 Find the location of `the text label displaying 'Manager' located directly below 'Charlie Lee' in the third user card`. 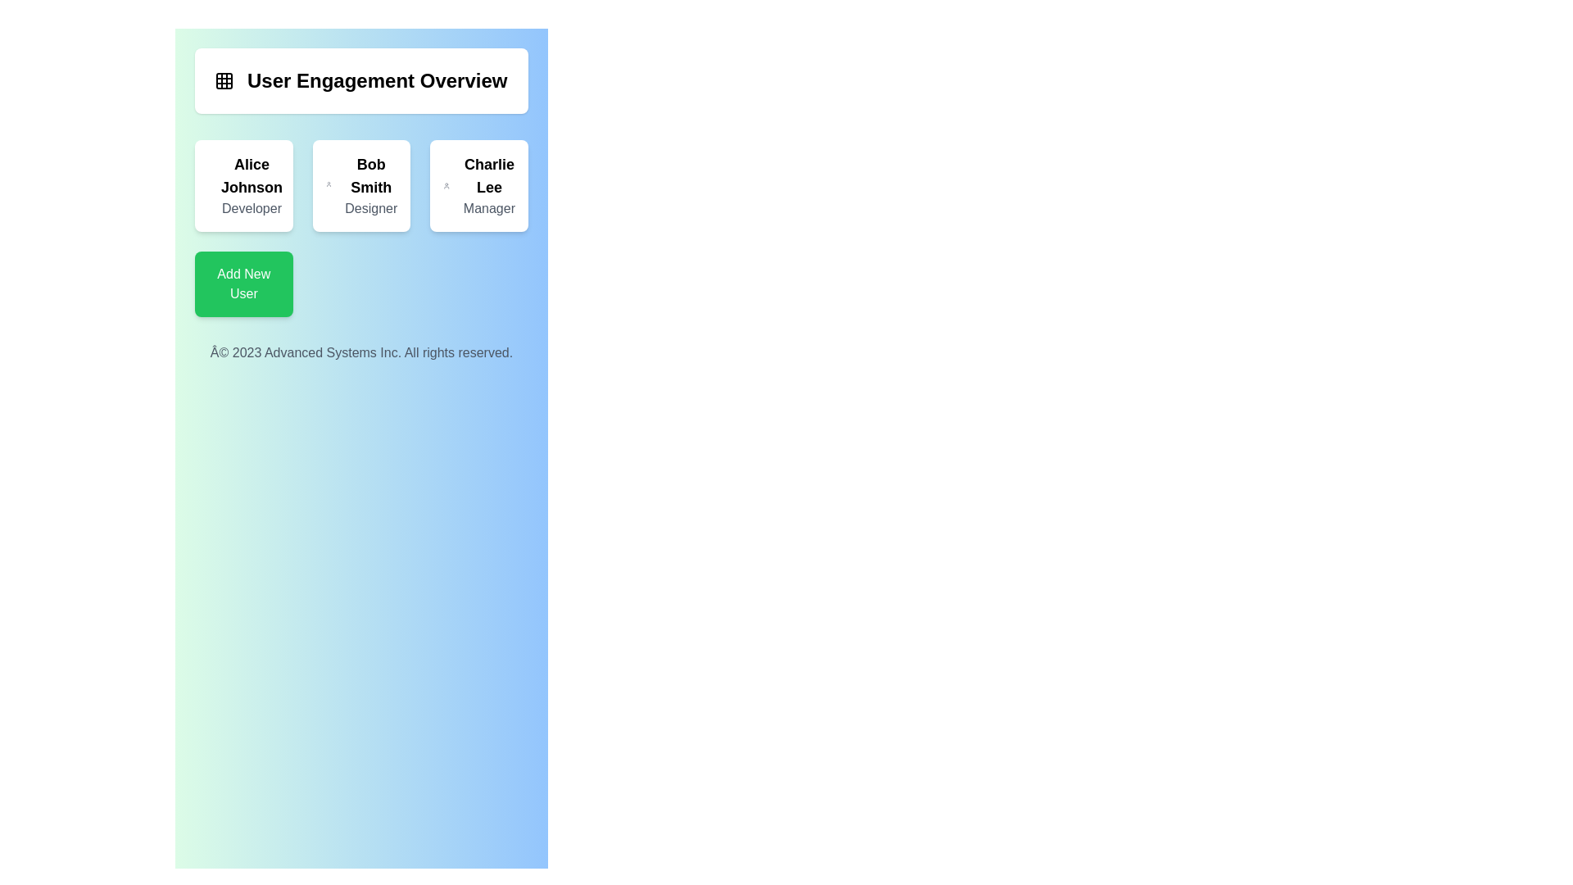

the text label displaying 'Manager' located directly below 'Charlie Lee' in the third user card is located at coordinates (488, 207).